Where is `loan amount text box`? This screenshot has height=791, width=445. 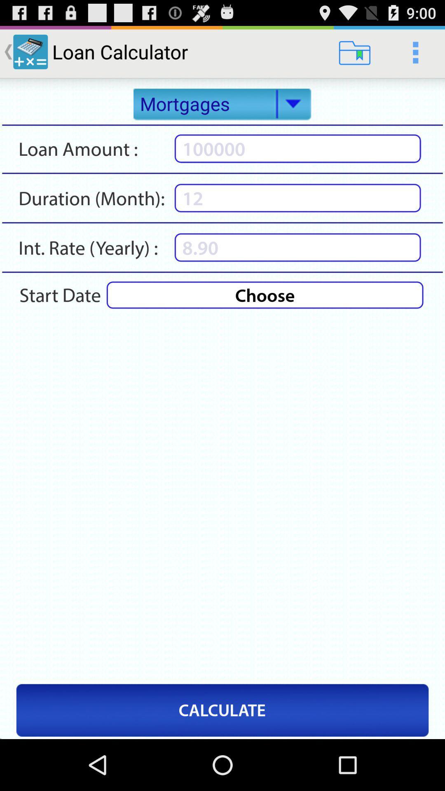 loan amount text box is located at coordinates (297, 148).